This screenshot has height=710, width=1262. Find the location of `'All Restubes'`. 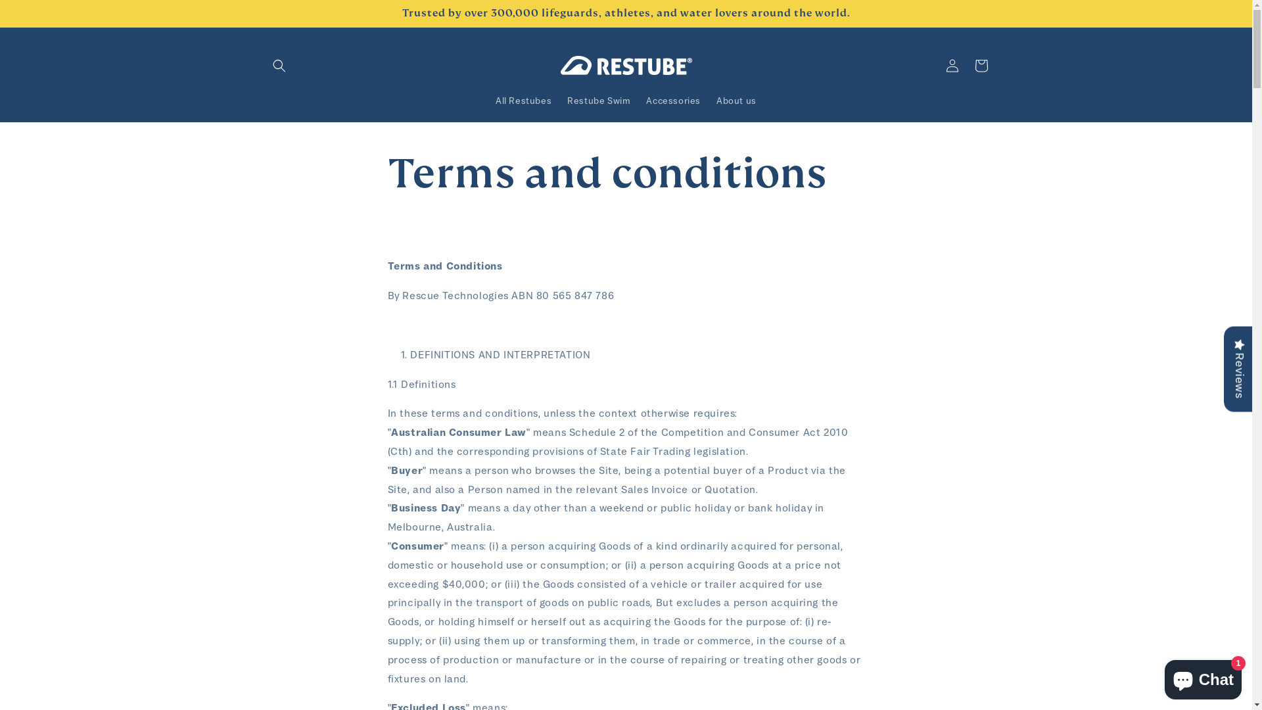

'All Restubes' is located at coordinates (523, 100).